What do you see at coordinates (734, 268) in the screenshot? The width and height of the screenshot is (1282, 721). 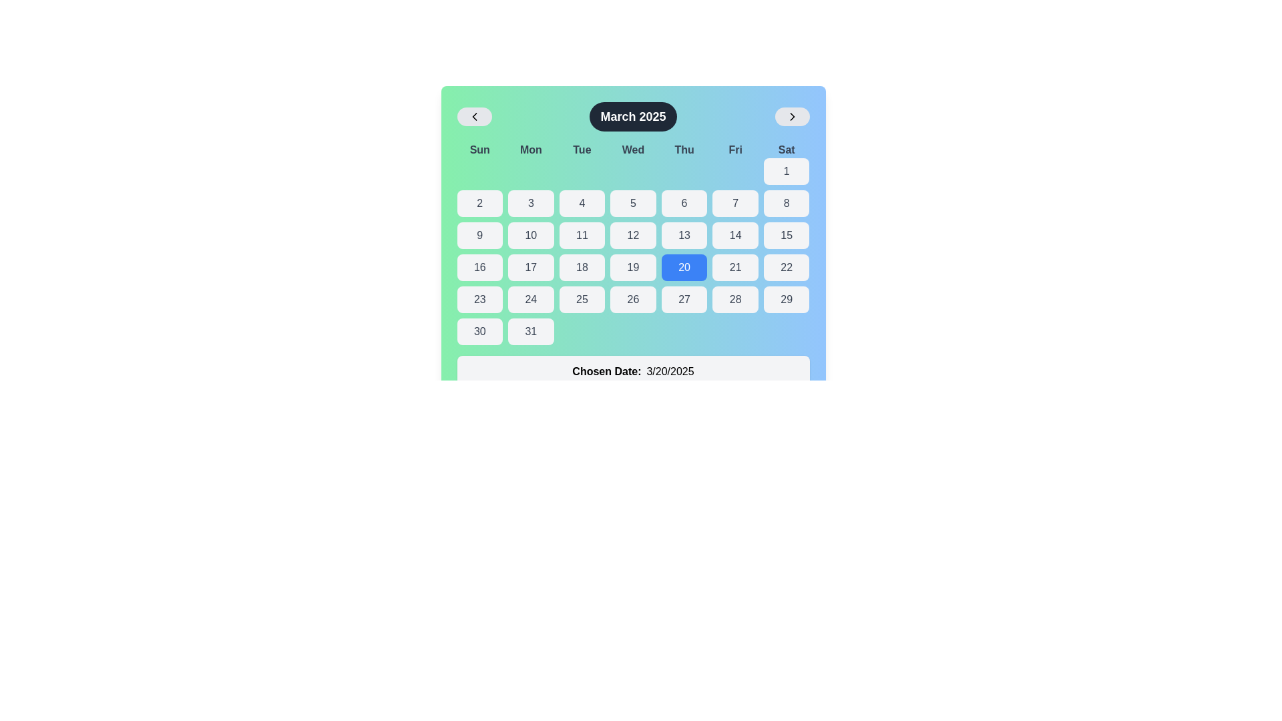 I see `the rounded rectangular button displaying the number '21' in dark gray text, located in the sixth column of the fourth row of a 7x6 grid layout on the March 2025 calendar interface` at bounding box center [734, 268].